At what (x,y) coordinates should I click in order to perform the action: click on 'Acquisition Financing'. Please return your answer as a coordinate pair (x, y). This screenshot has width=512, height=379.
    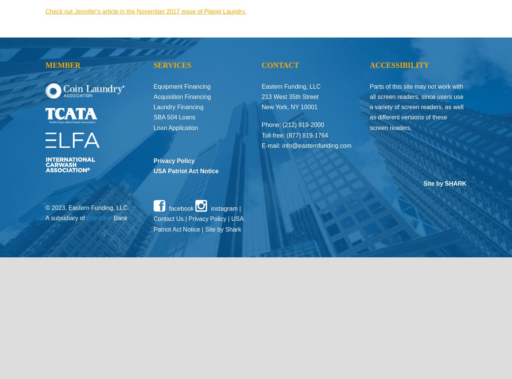
    Looking at the image, I should click on (154, 97).